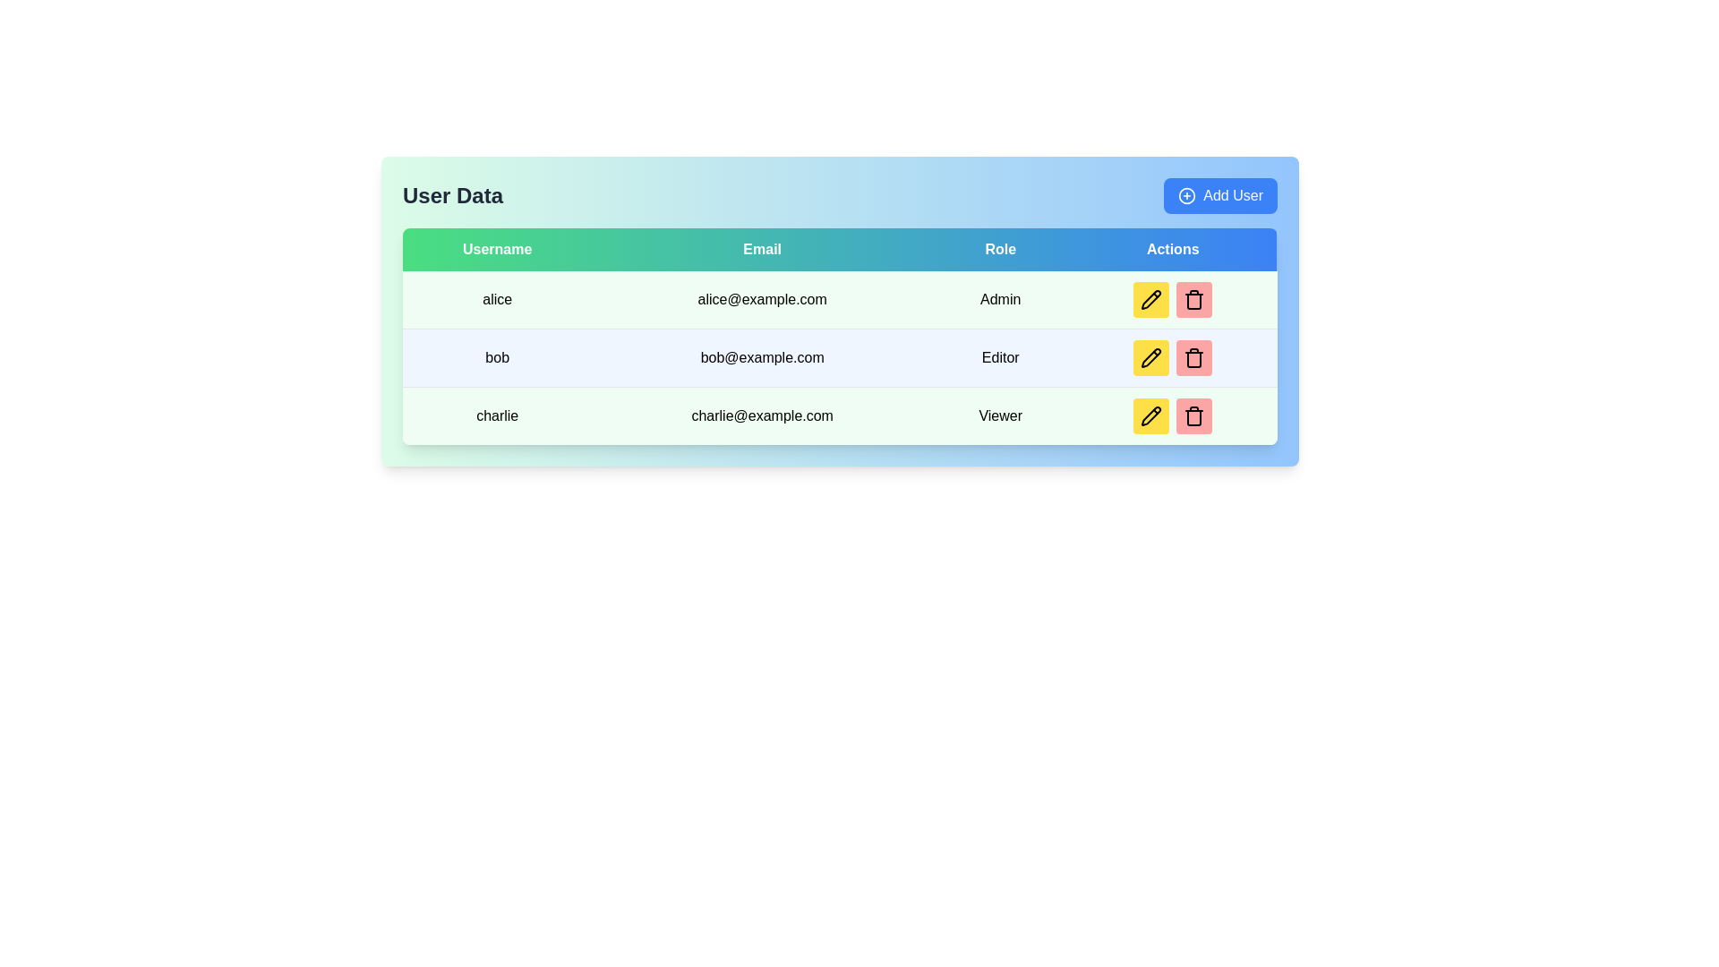 The image size is (1719, 967). Describe the element at coordinates (1151, 358) in the screenshot. I see `the edit icon button, which resembles a pencil with a yellow background and is located in the 'Actions' column of the second row associated with the user 'bob'` at that location.